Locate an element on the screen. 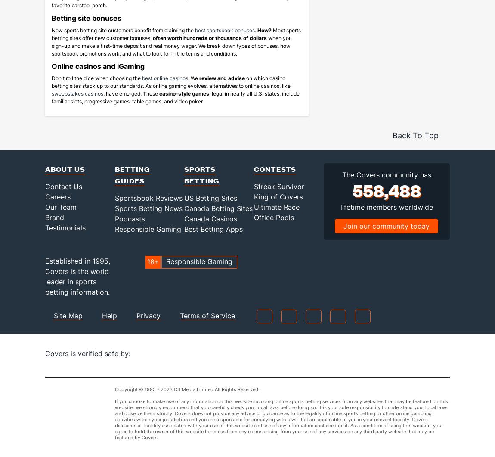 The height and width of the screenshot is (457, 495). 'Established in 1995,' is located at coordinates (118, 271).